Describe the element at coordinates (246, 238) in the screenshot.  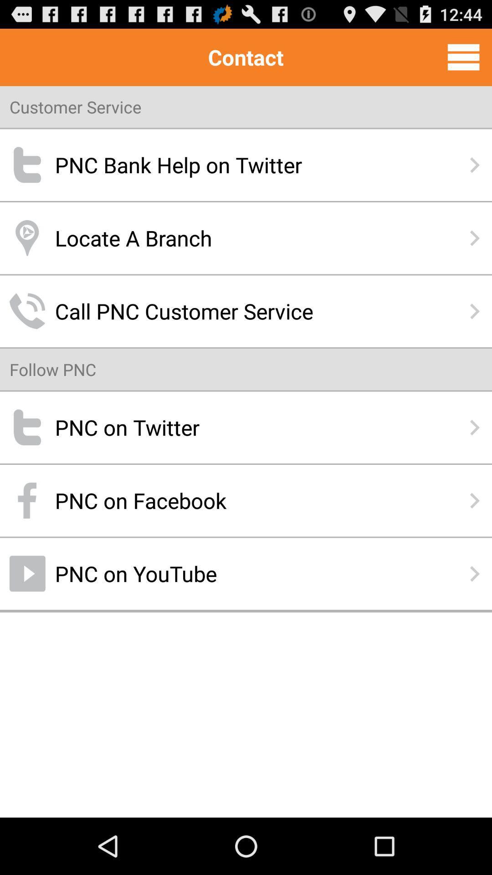
I see `the icon below the pnc bank help item` at that location.